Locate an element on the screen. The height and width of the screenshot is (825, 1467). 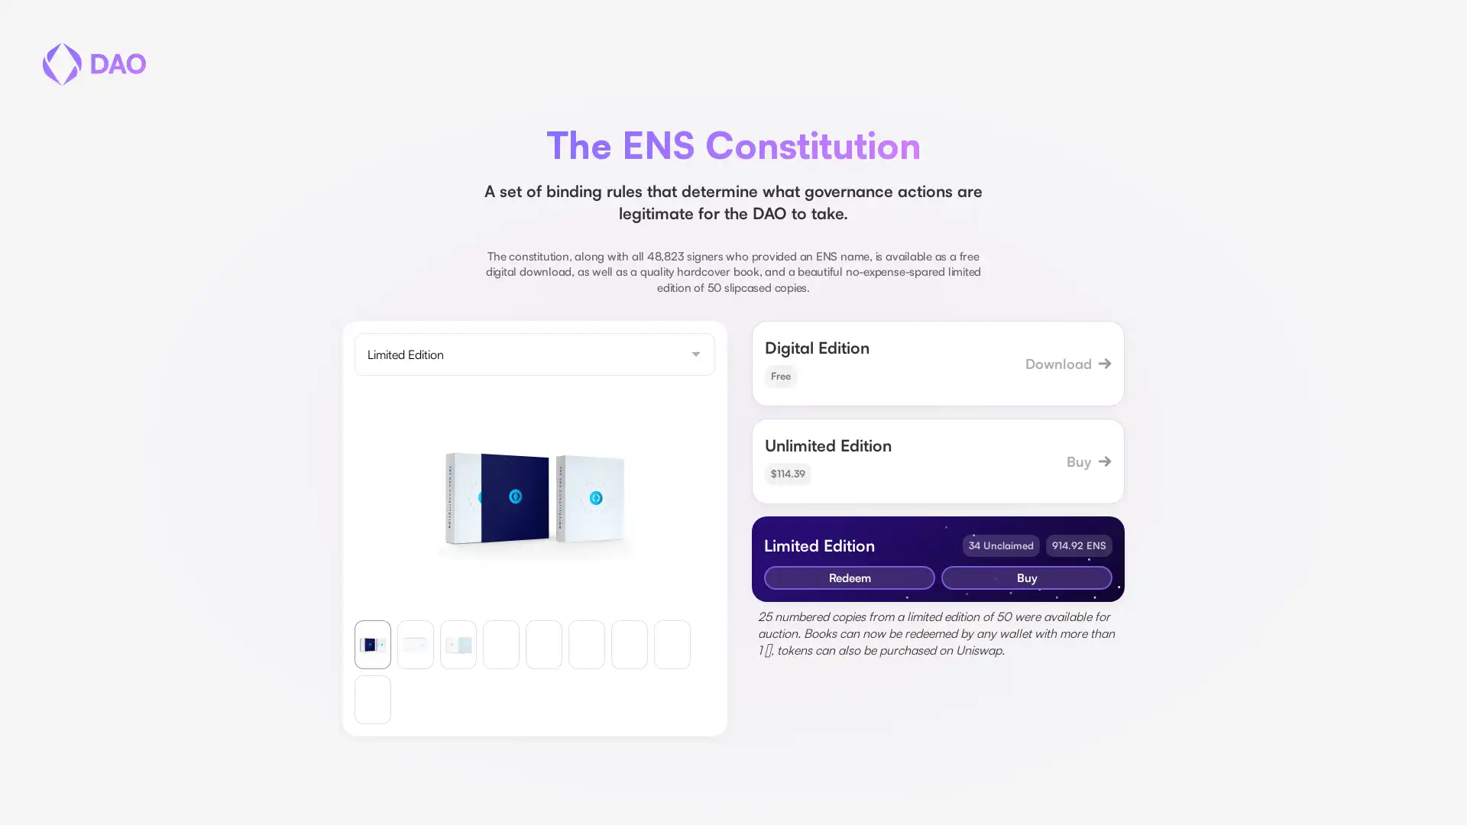
Limited edition page example 4 is located at coordinates (586, 644).